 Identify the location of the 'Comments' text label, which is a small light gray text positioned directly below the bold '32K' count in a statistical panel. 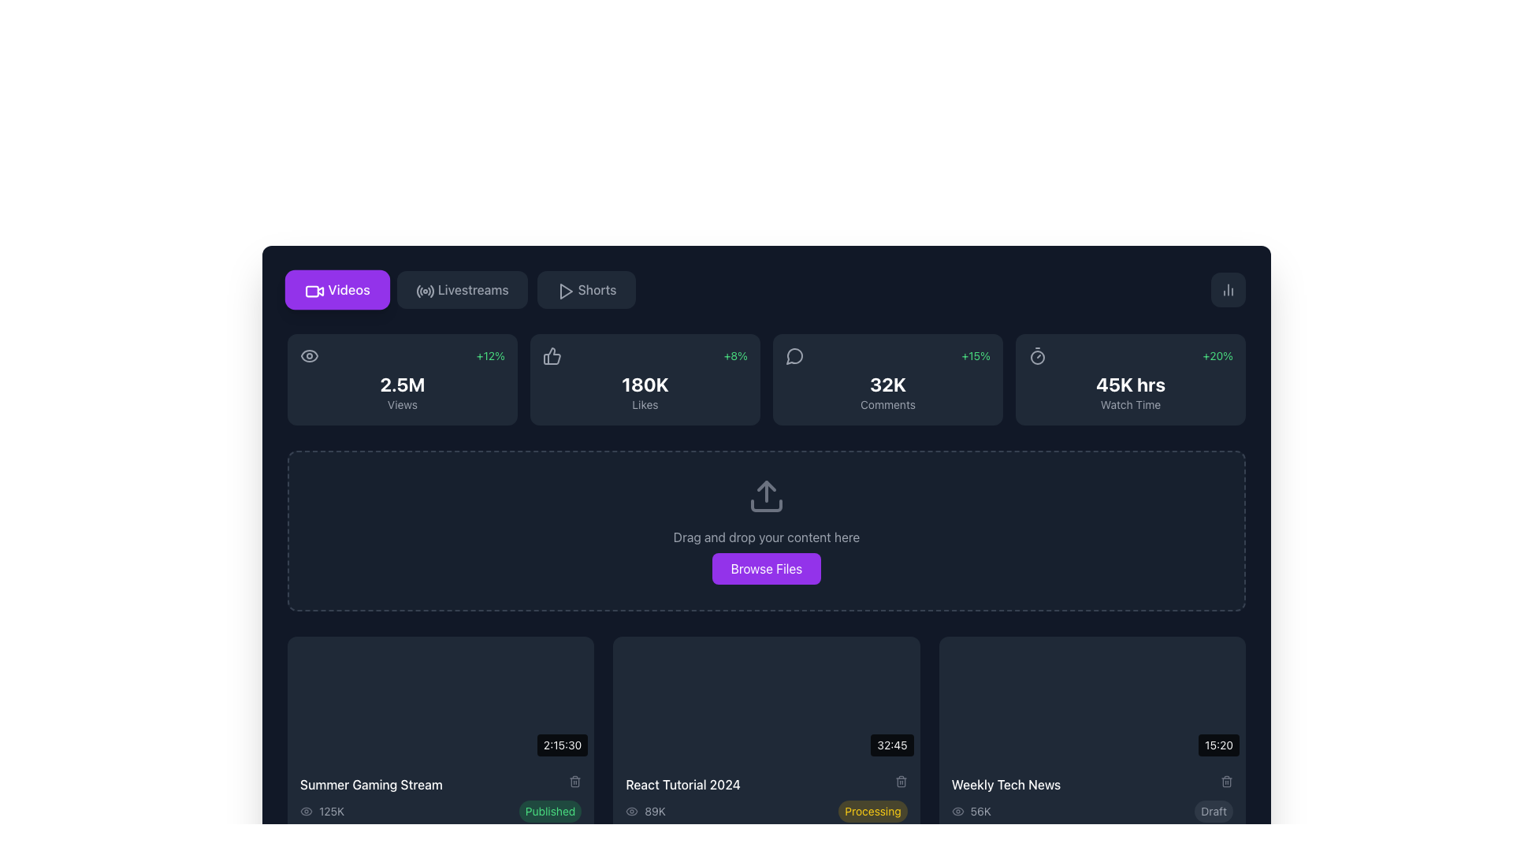
(888, 403).